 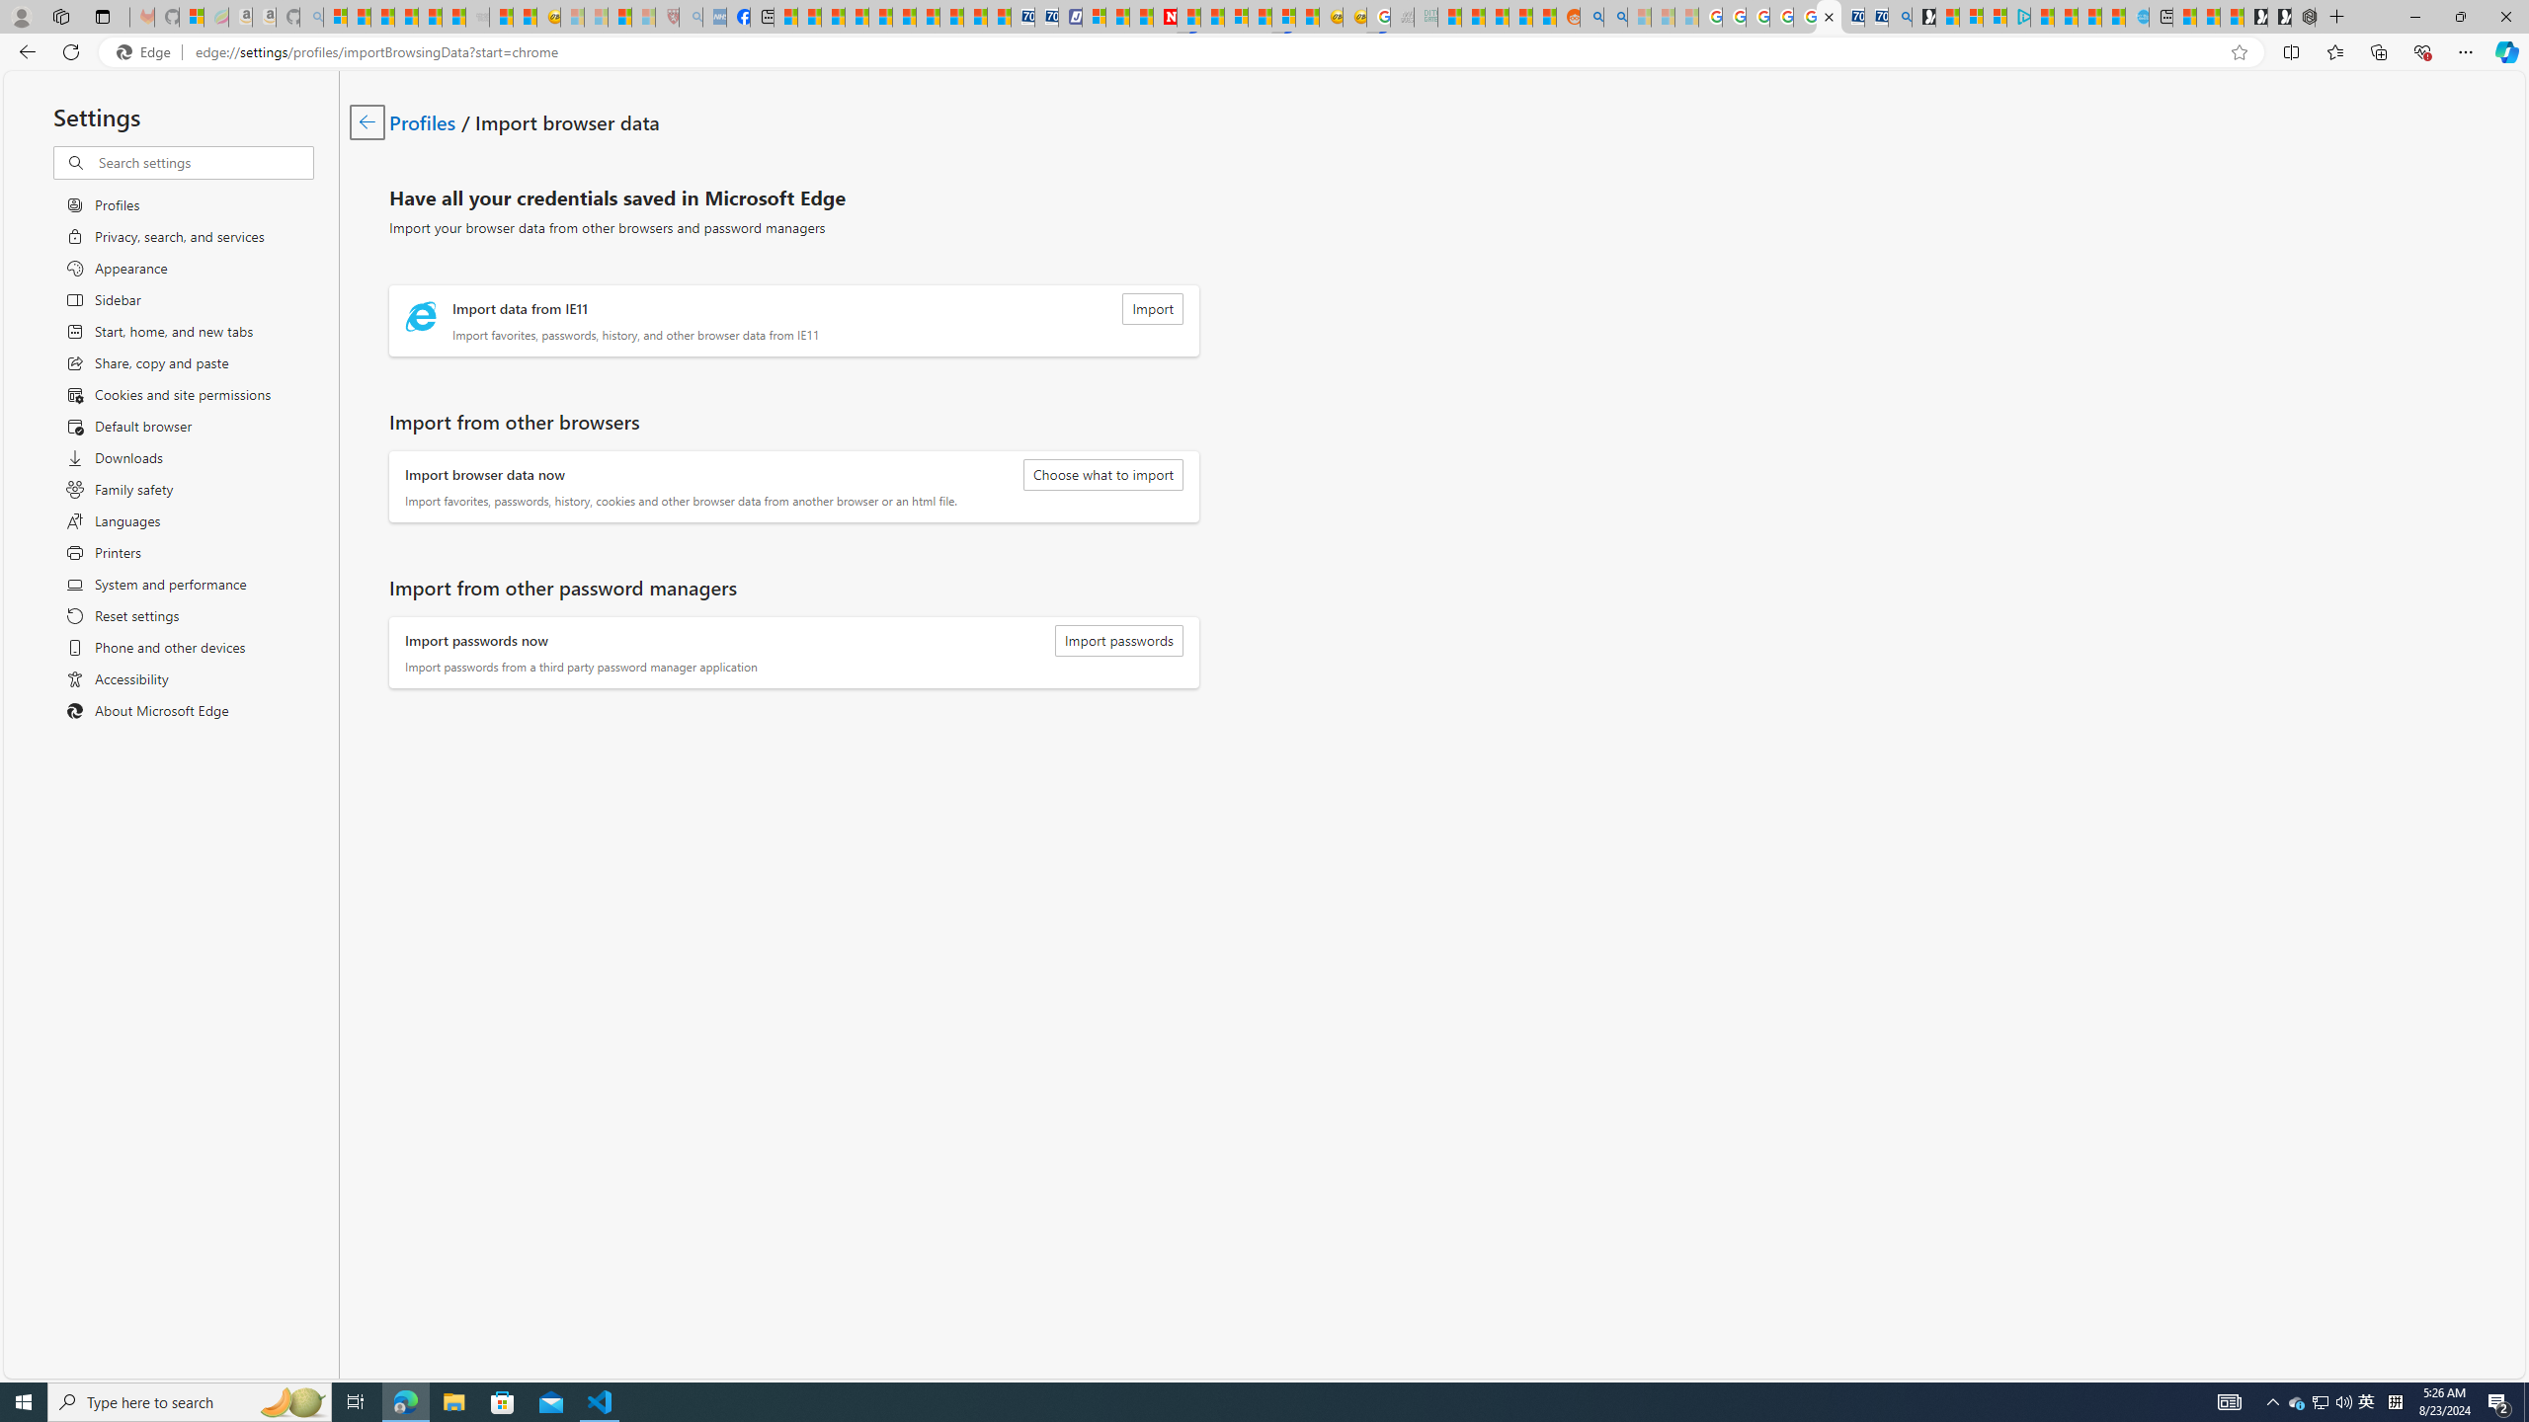 What do you see at coordinates (204, 162) in the screenshot?
I see `'Search settings'` at bounding box center [204, 162].